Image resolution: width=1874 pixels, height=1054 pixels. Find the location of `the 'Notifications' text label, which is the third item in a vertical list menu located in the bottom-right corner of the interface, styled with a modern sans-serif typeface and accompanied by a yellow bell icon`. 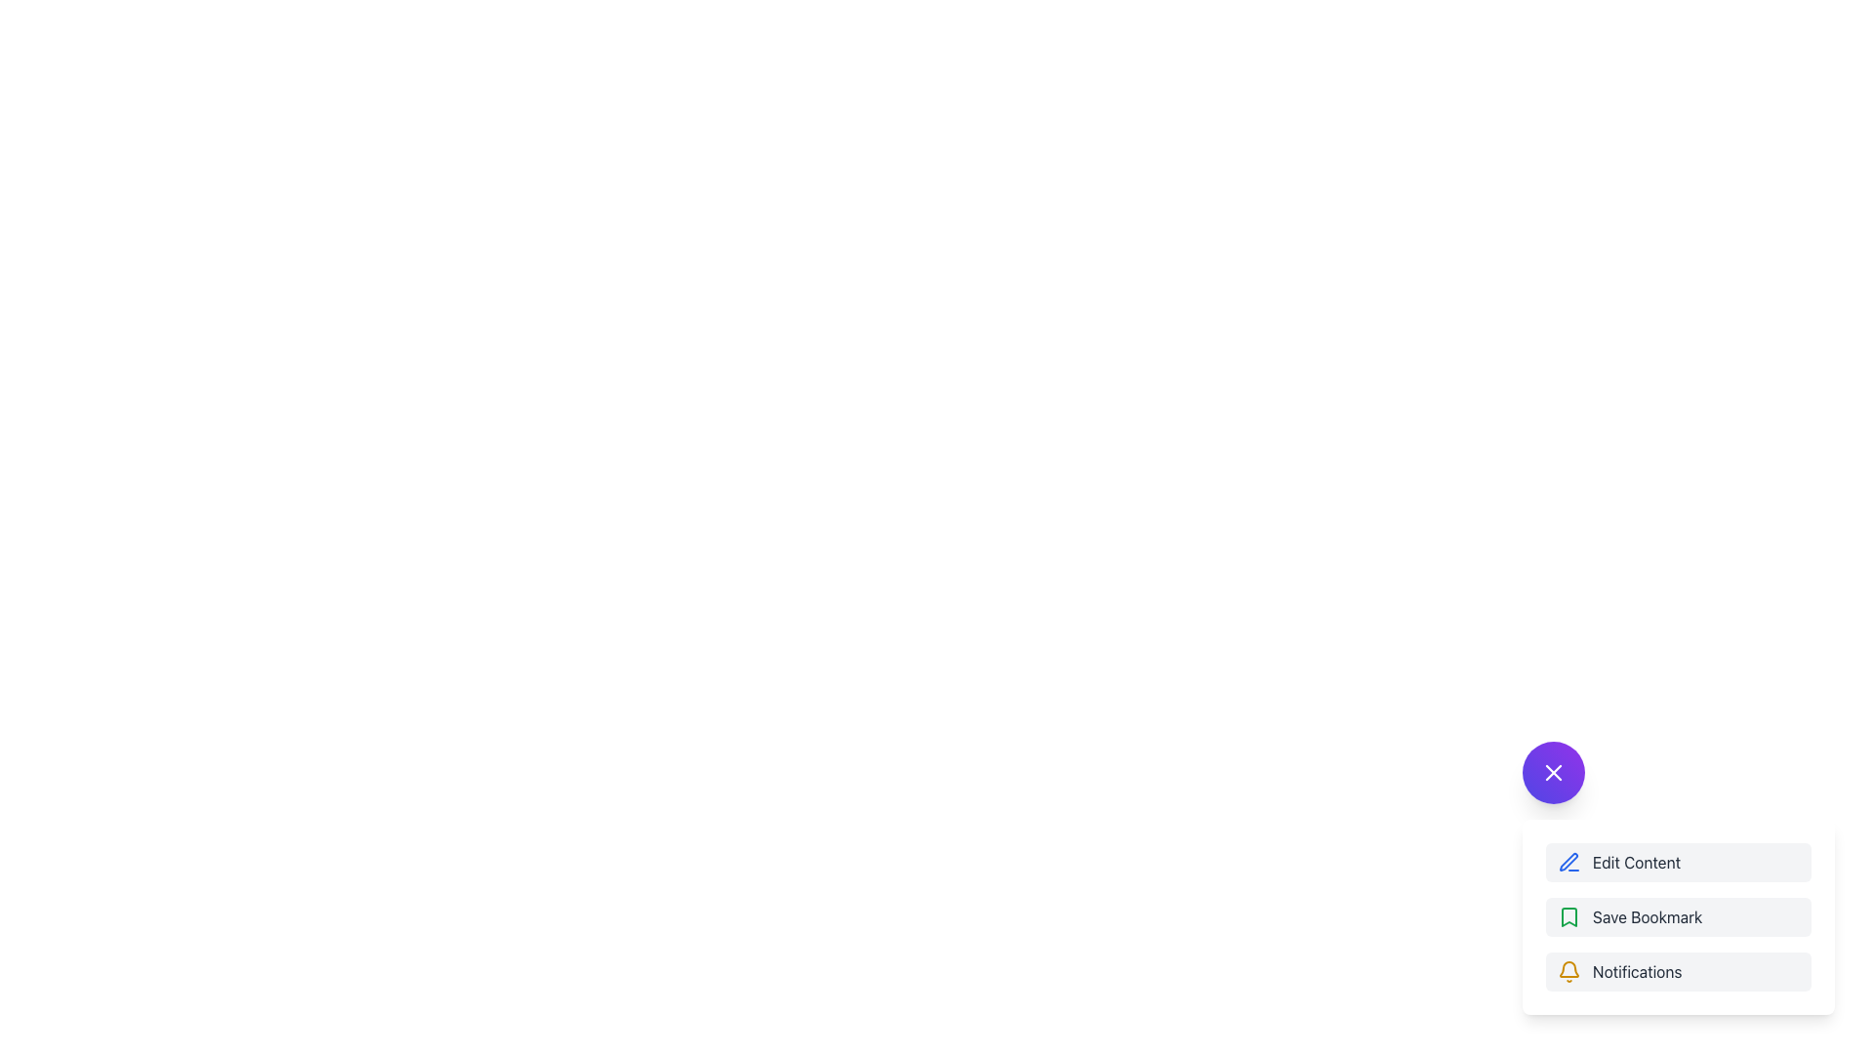

the 'Notifications' text label, which is the third item in a vertical list menu located in the bottom-right corner of the interface, styled with a modern sans-serif typeface and accompanied by a yellow bell icon is located at coordinates (1637, 971).